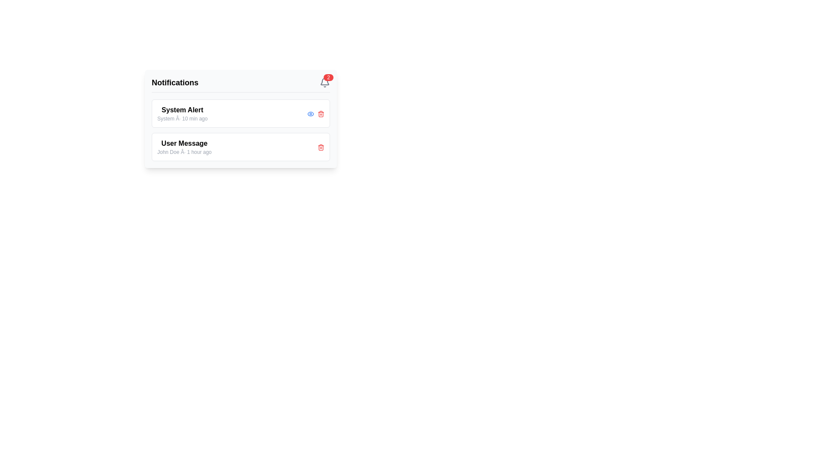 Image resolution: width=823 pixels, height=463 pixels. What do you see at coordinates (240, 130) in the screenshot?
I see `the Notification summary block containing 'System Alert' and 'User Message'` at bounding box center [240, 130].